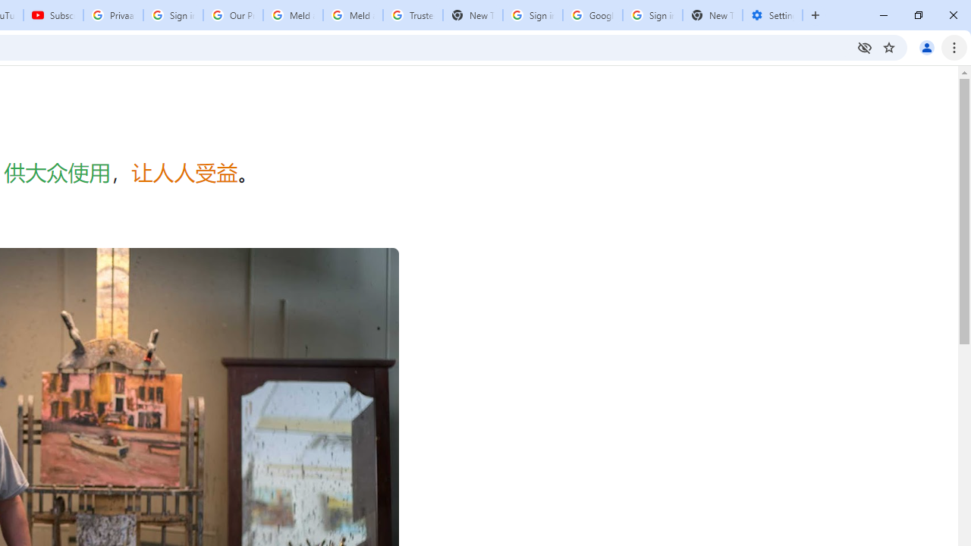 The width and height of the screenshot is (971, 546). I want to click on 'Settings - Addresses and more', so click(772, 15).